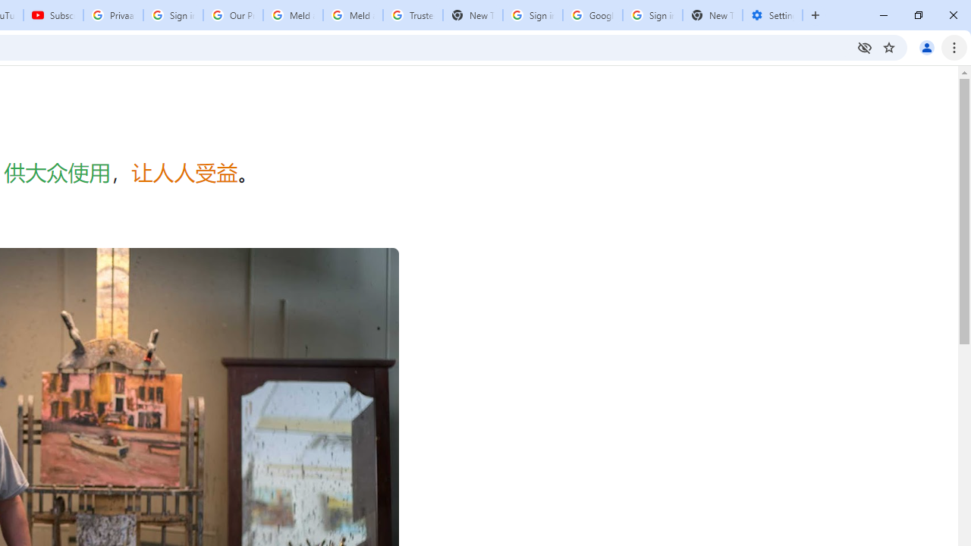 The width and height of the screenshot is (971, 546). I want to click on 'Settings - Addresses and more', so click(772, 15).